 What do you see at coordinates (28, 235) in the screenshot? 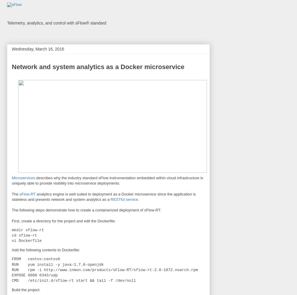
I see `'mkdir sflow-rt
cd sflow-rt
vi Dockerfile'` at bounding box center [28, 235].